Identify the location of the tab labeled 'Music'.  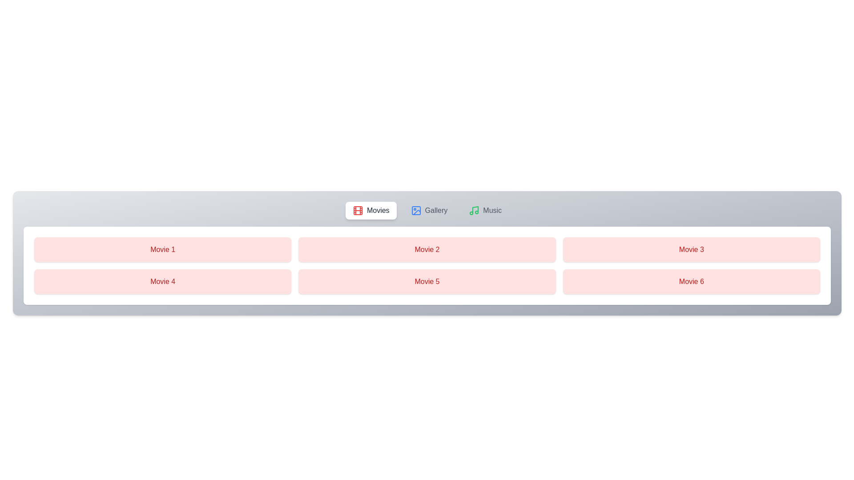
(485, 211).